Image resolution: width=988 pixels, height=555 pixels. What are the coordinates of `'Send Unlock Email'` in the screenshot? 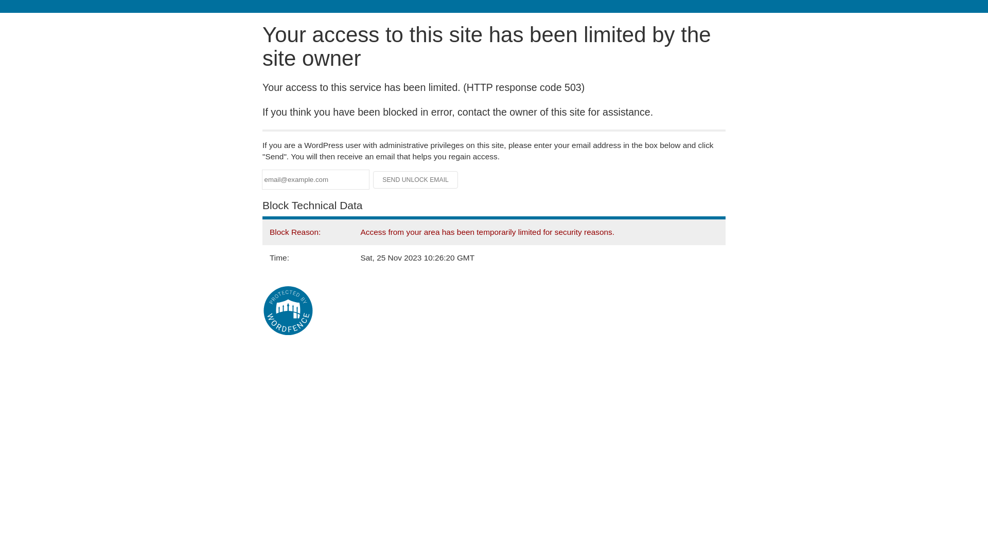 It's located at (415, 179).